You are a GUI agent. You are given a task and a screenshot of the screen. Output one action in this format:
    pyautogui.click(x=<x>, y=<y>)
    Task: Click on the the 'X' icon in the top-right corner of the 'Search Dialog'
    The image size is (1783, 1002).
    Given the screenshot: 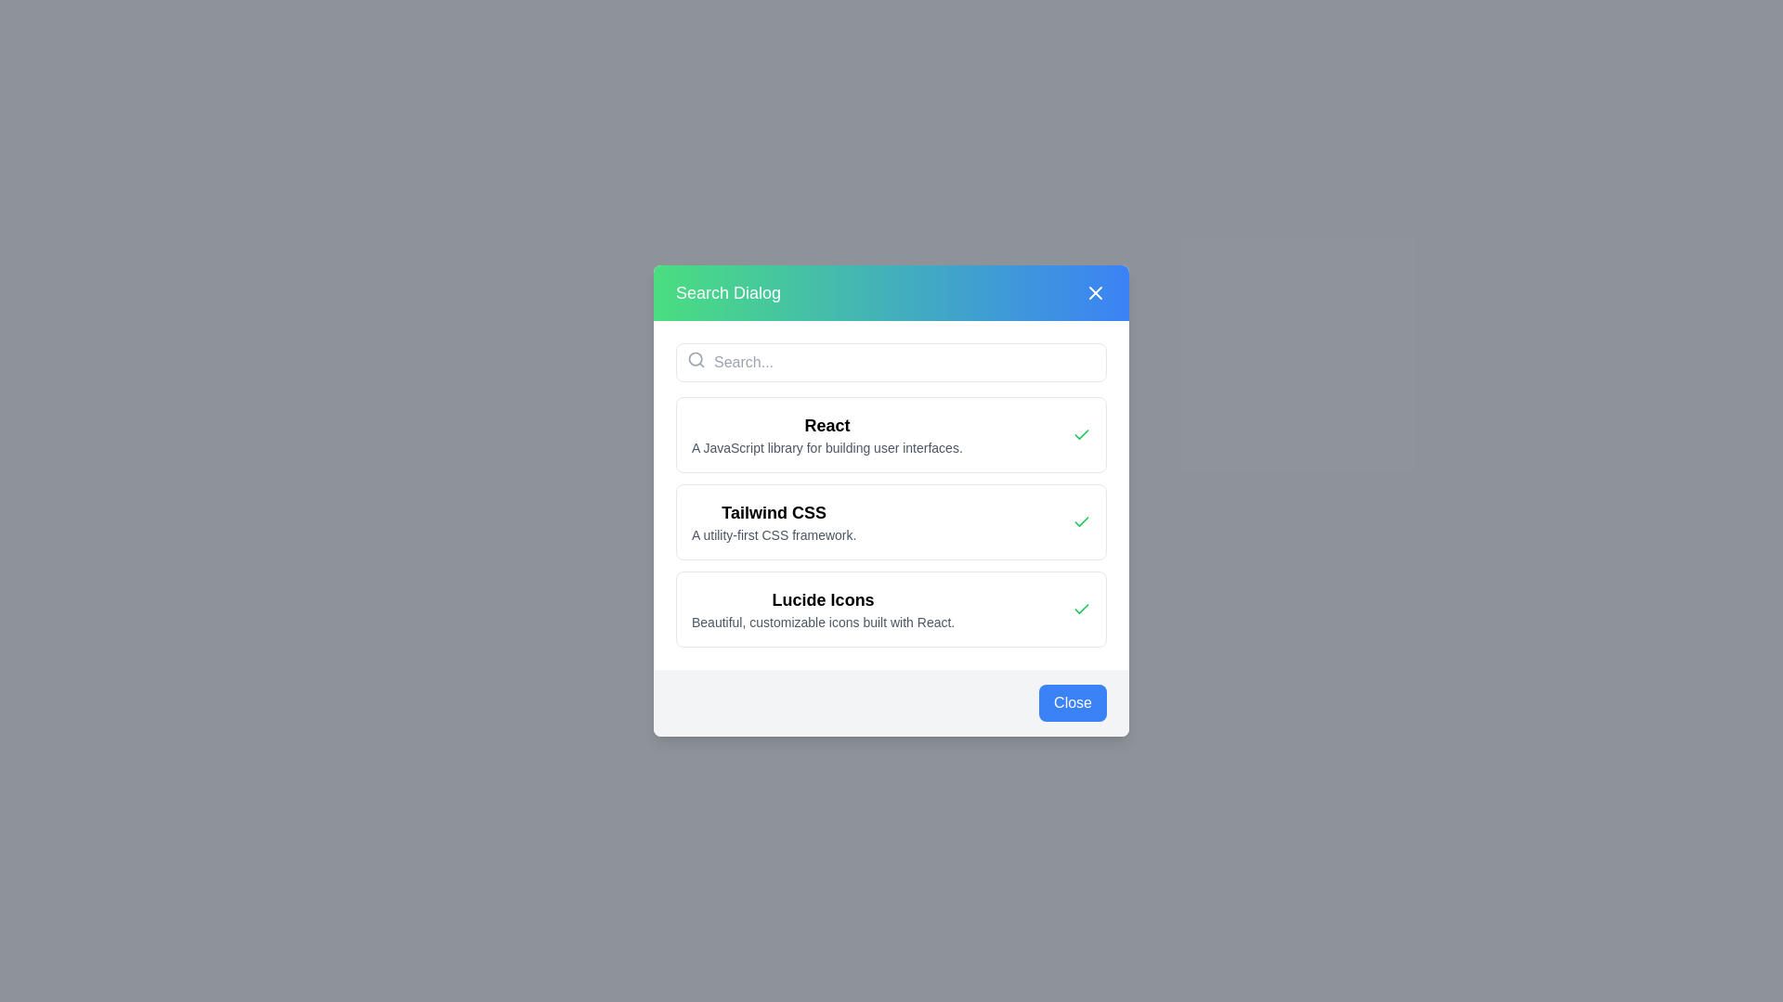 What is the action you would take?
    pyautogui.click(x=1096, y=292)
    